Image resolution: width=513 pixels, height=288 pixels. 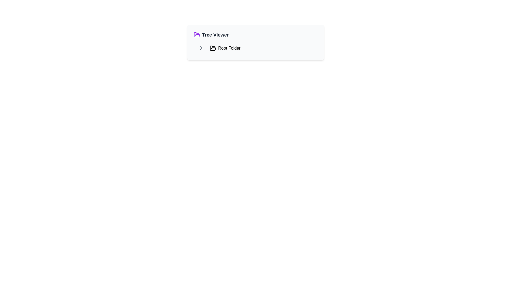 What do you see at coordinates (255, 48) in the screenshot?
I see `the 'Root Folder' item in the tree-view structure` at bounding box center [255, 48].